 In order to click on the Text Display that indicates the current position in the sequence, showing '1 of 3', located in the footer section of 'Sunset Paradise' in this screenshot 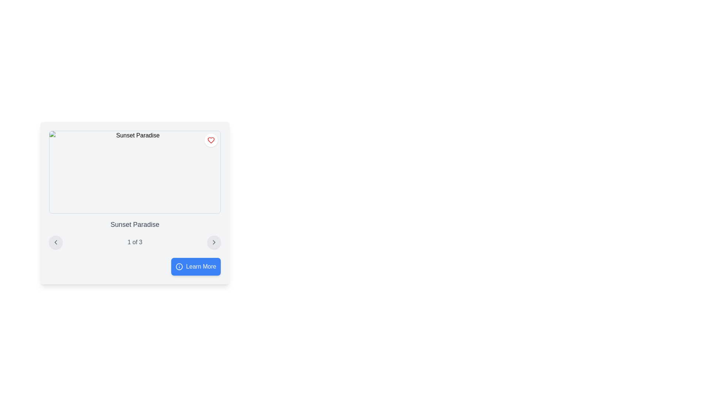, I will do `click(135, 242)`.